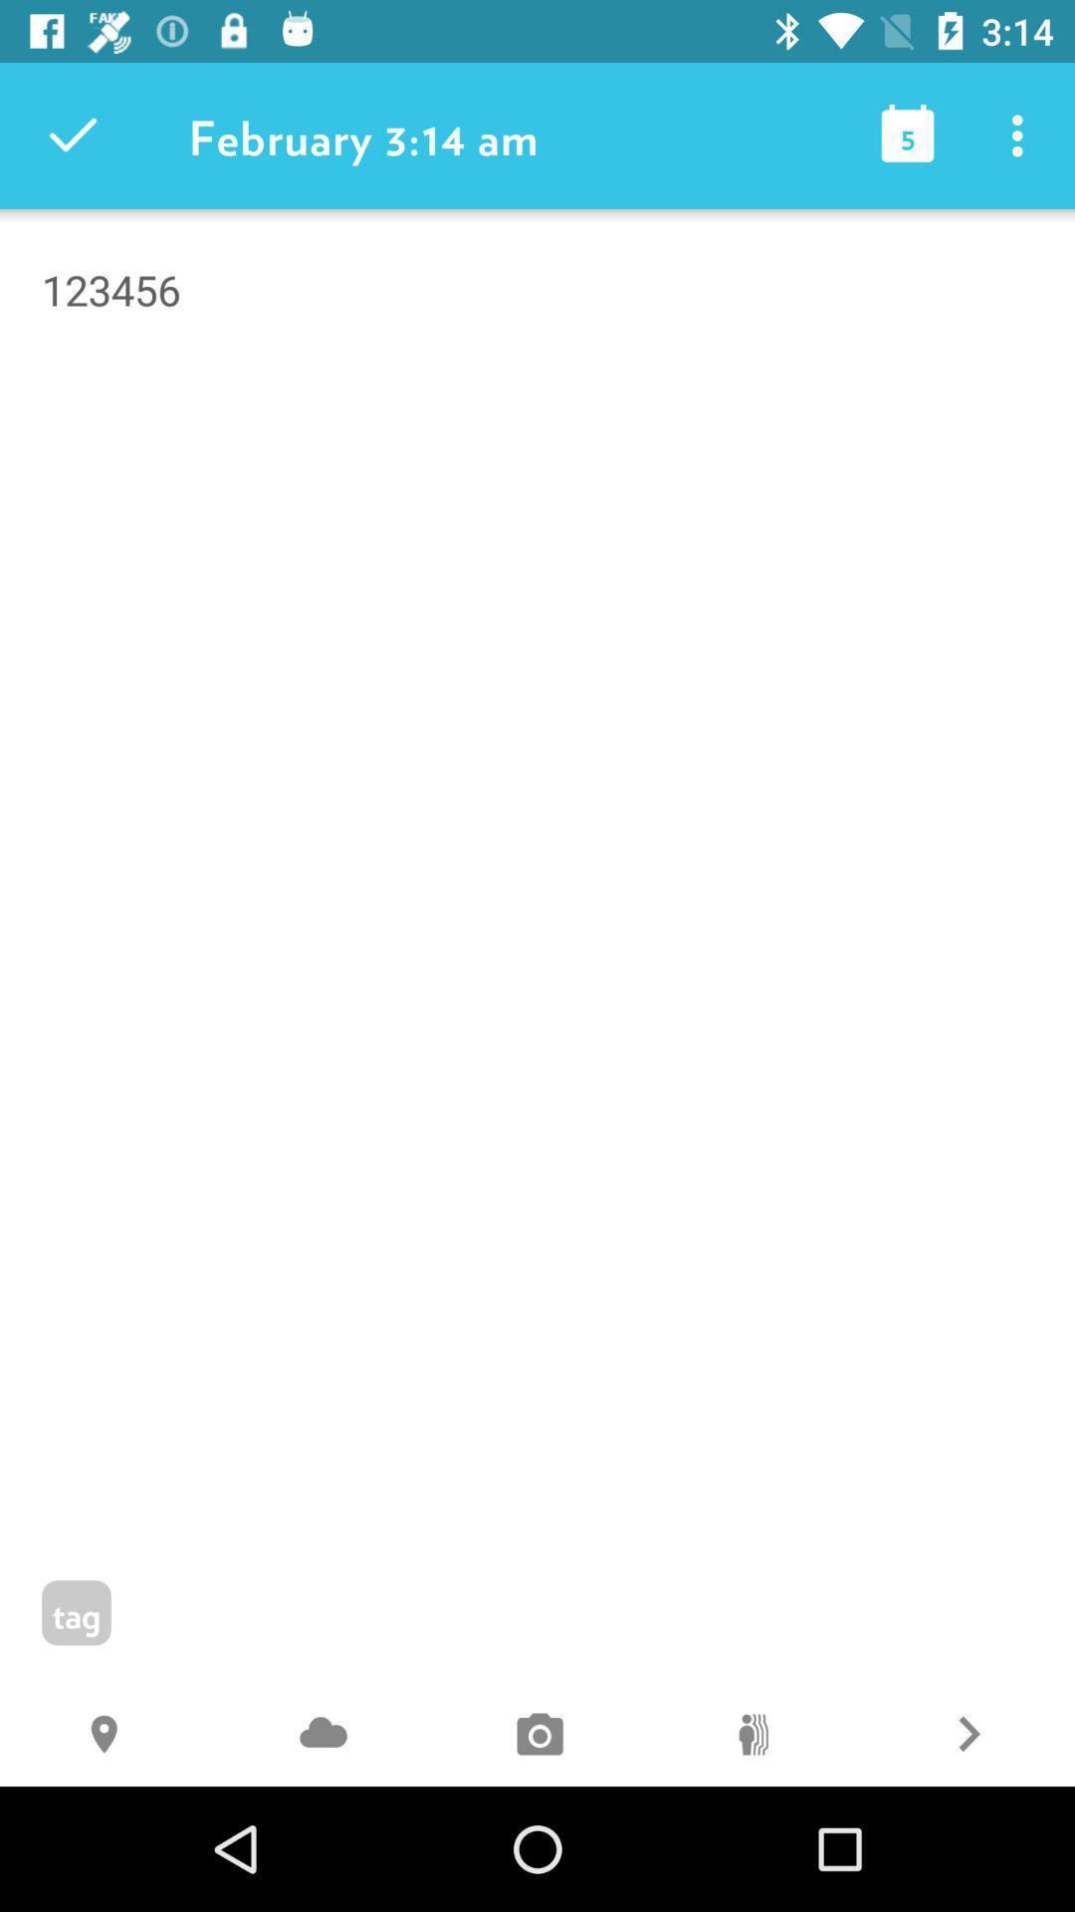 The height and width of the screenshot is (1912, 1075). Describe the element at coordinates (907, 134) in the screenshot. I see `the icon next to february 3 14 item` at that location.